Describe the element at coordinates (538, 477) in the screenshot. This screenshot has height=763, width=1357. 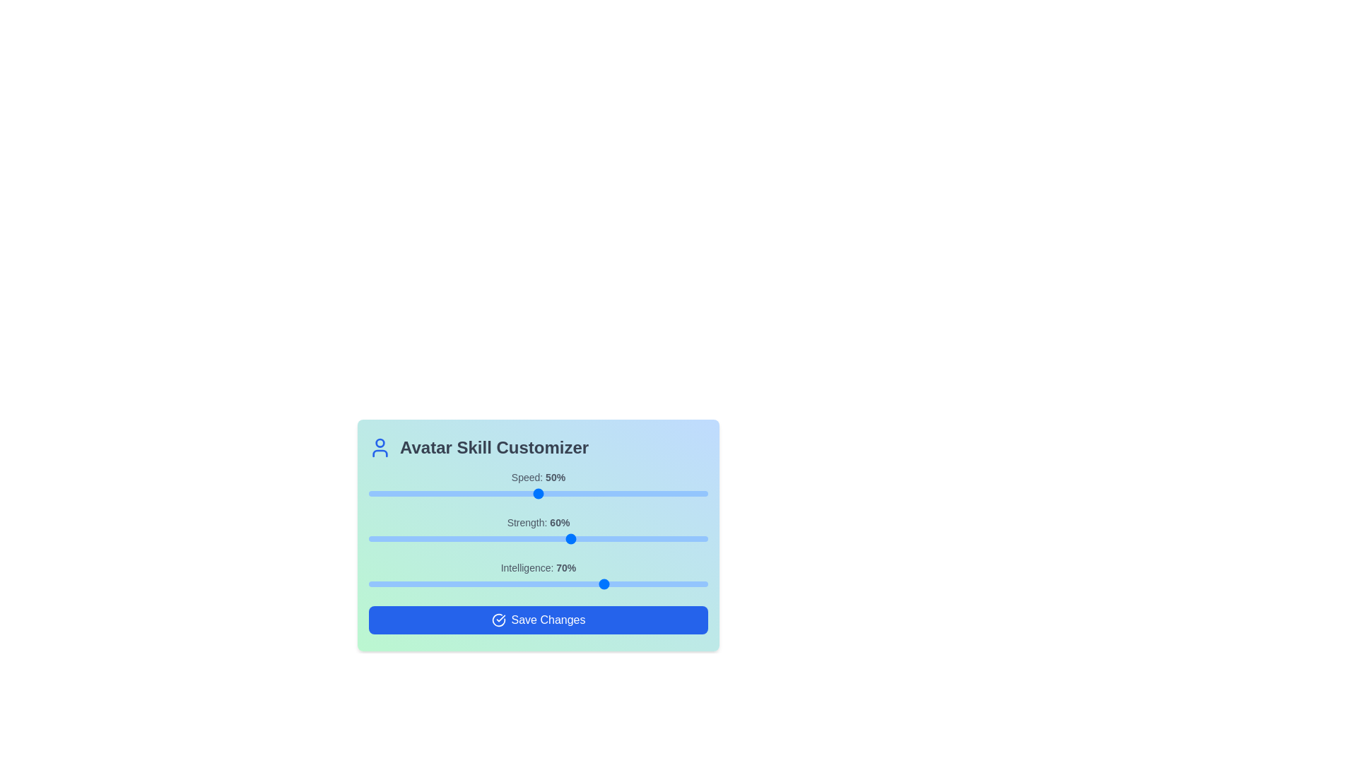
I see `the text label displaying 'Speed: 50%', which has 'Speed:' in a smaller font and '50%' in a bold, larger font, located above the associated slider control` at that location.